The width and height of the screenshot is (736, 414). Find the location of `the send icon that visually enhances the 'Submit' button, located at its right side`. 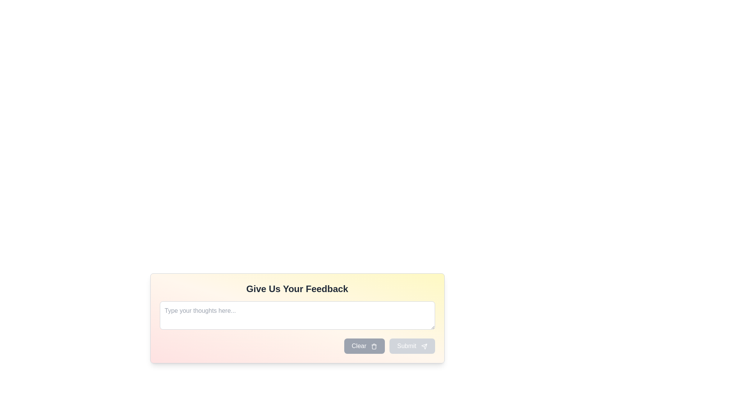

the send icon that visually enhances the 'Submit' button, located at its right side is located at coordinates (424, 346).